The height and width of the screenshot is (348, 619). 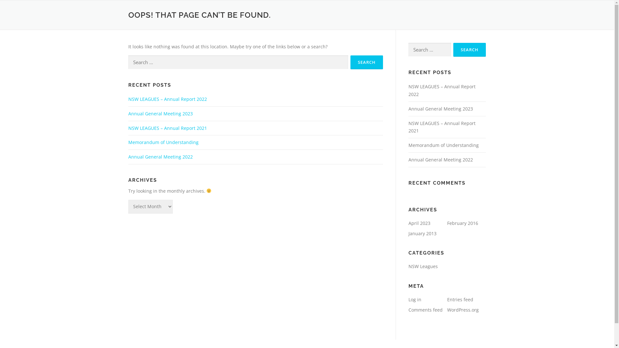 What do you see at coordinates (447, 309) in the screenshot?
I see `'WordPress.org'` at bounding box center [447, 309].